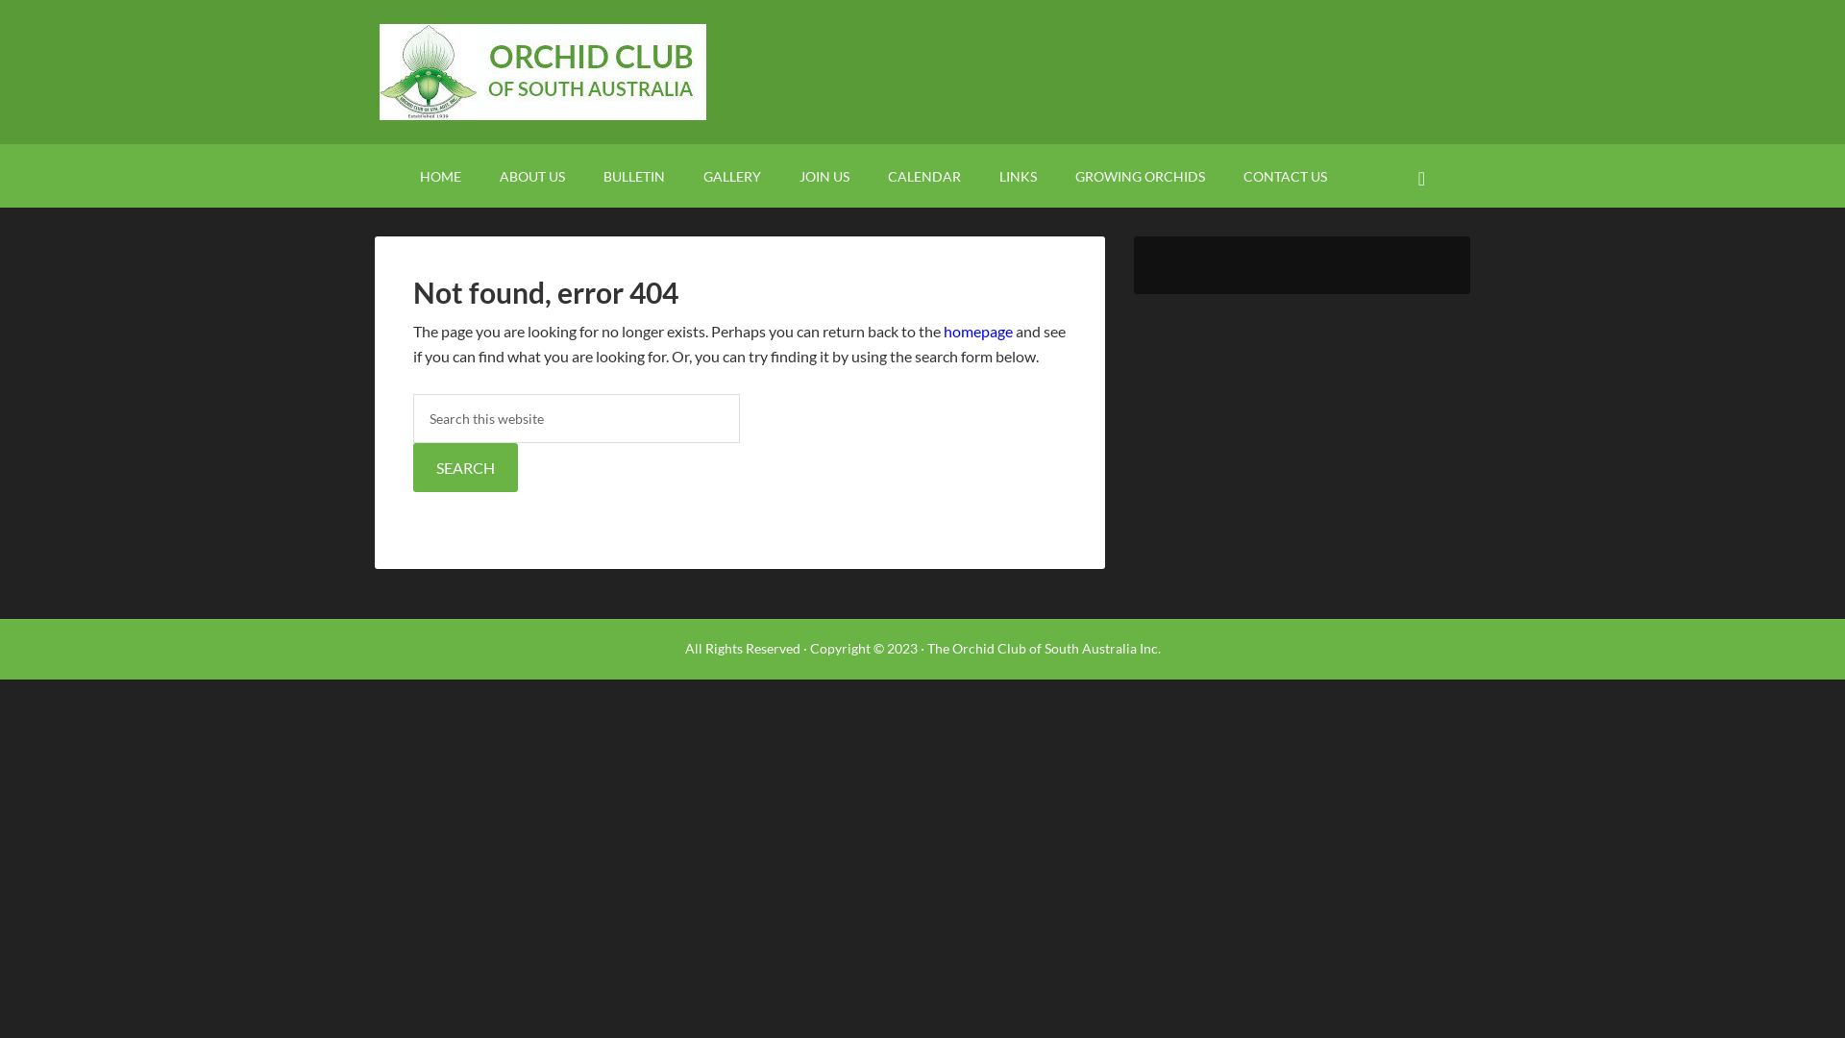 The height and width of the screenshot is (1038, 1845). What do you see at coordinates (1443, 162) in the screenshot?
I see `'Search'` at bounding box center [1443, 162].